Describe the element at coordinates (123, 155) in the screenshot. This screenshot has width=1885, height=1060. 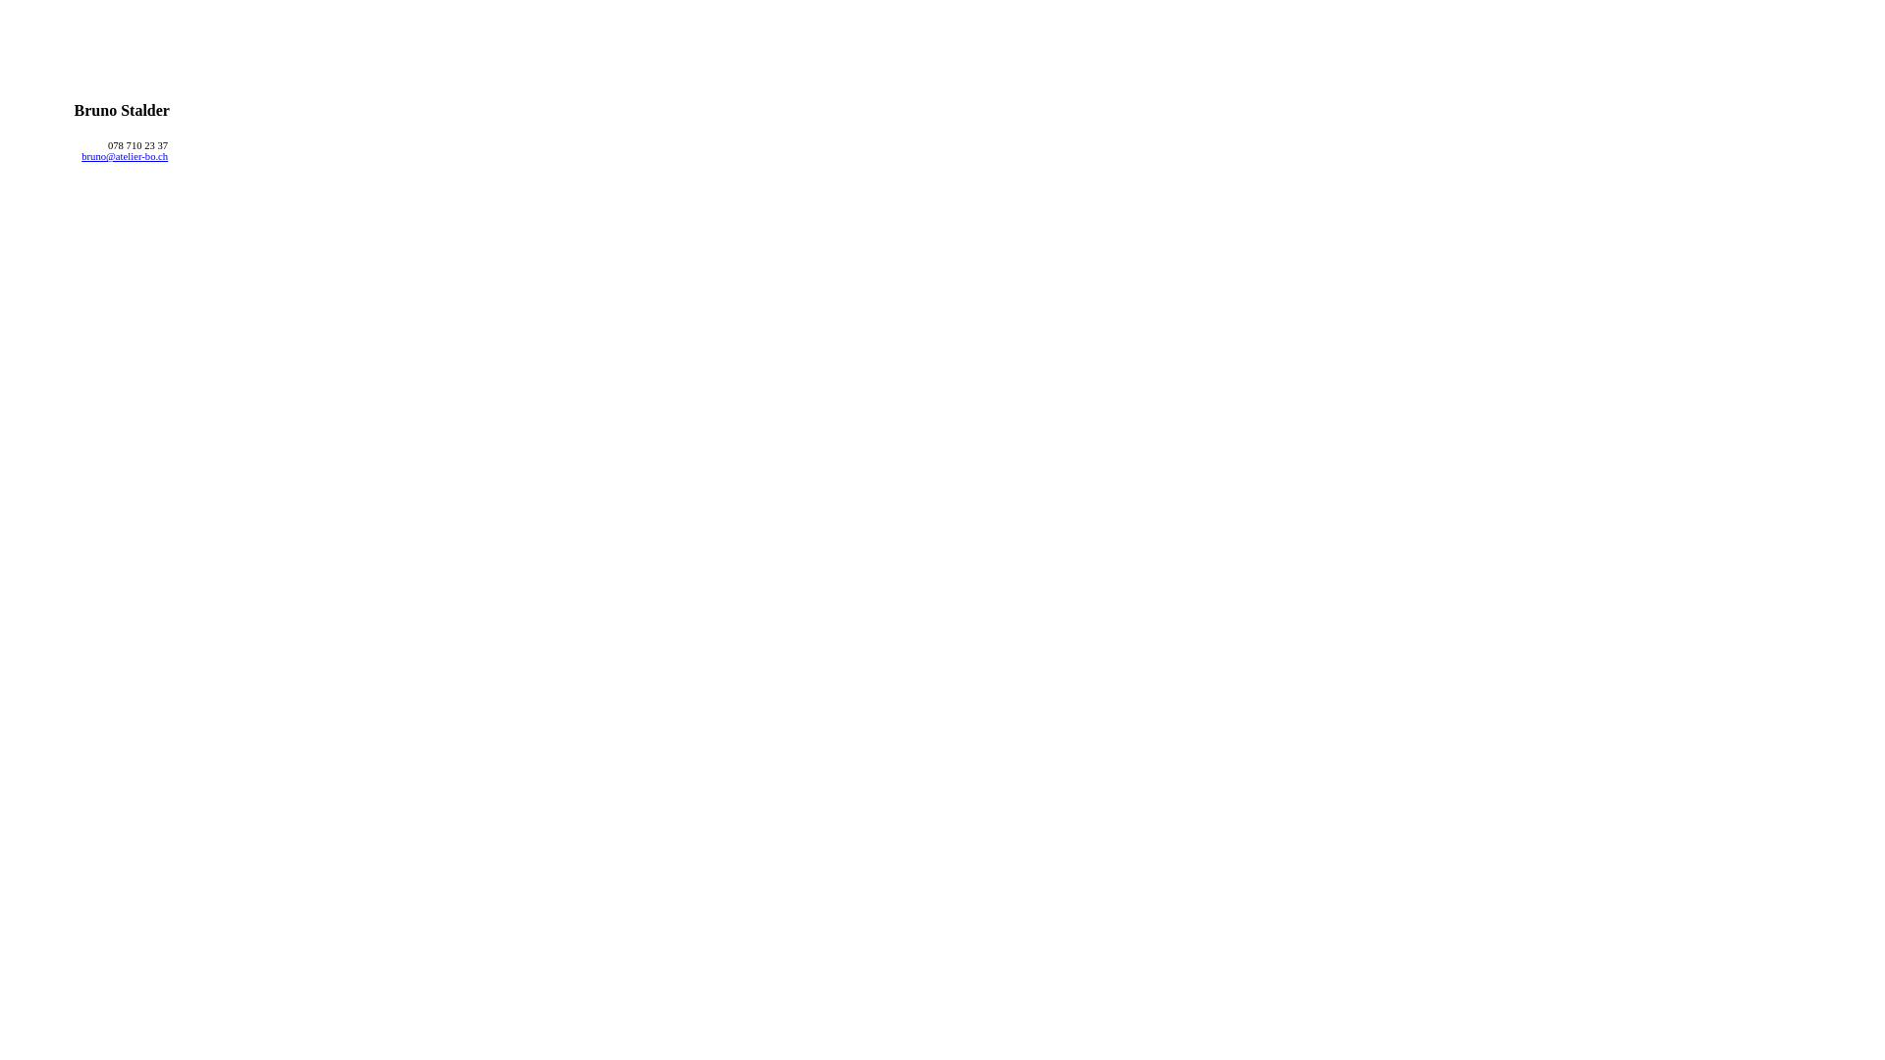
I see `'bruno@atelier-bo.ch'` at that location.